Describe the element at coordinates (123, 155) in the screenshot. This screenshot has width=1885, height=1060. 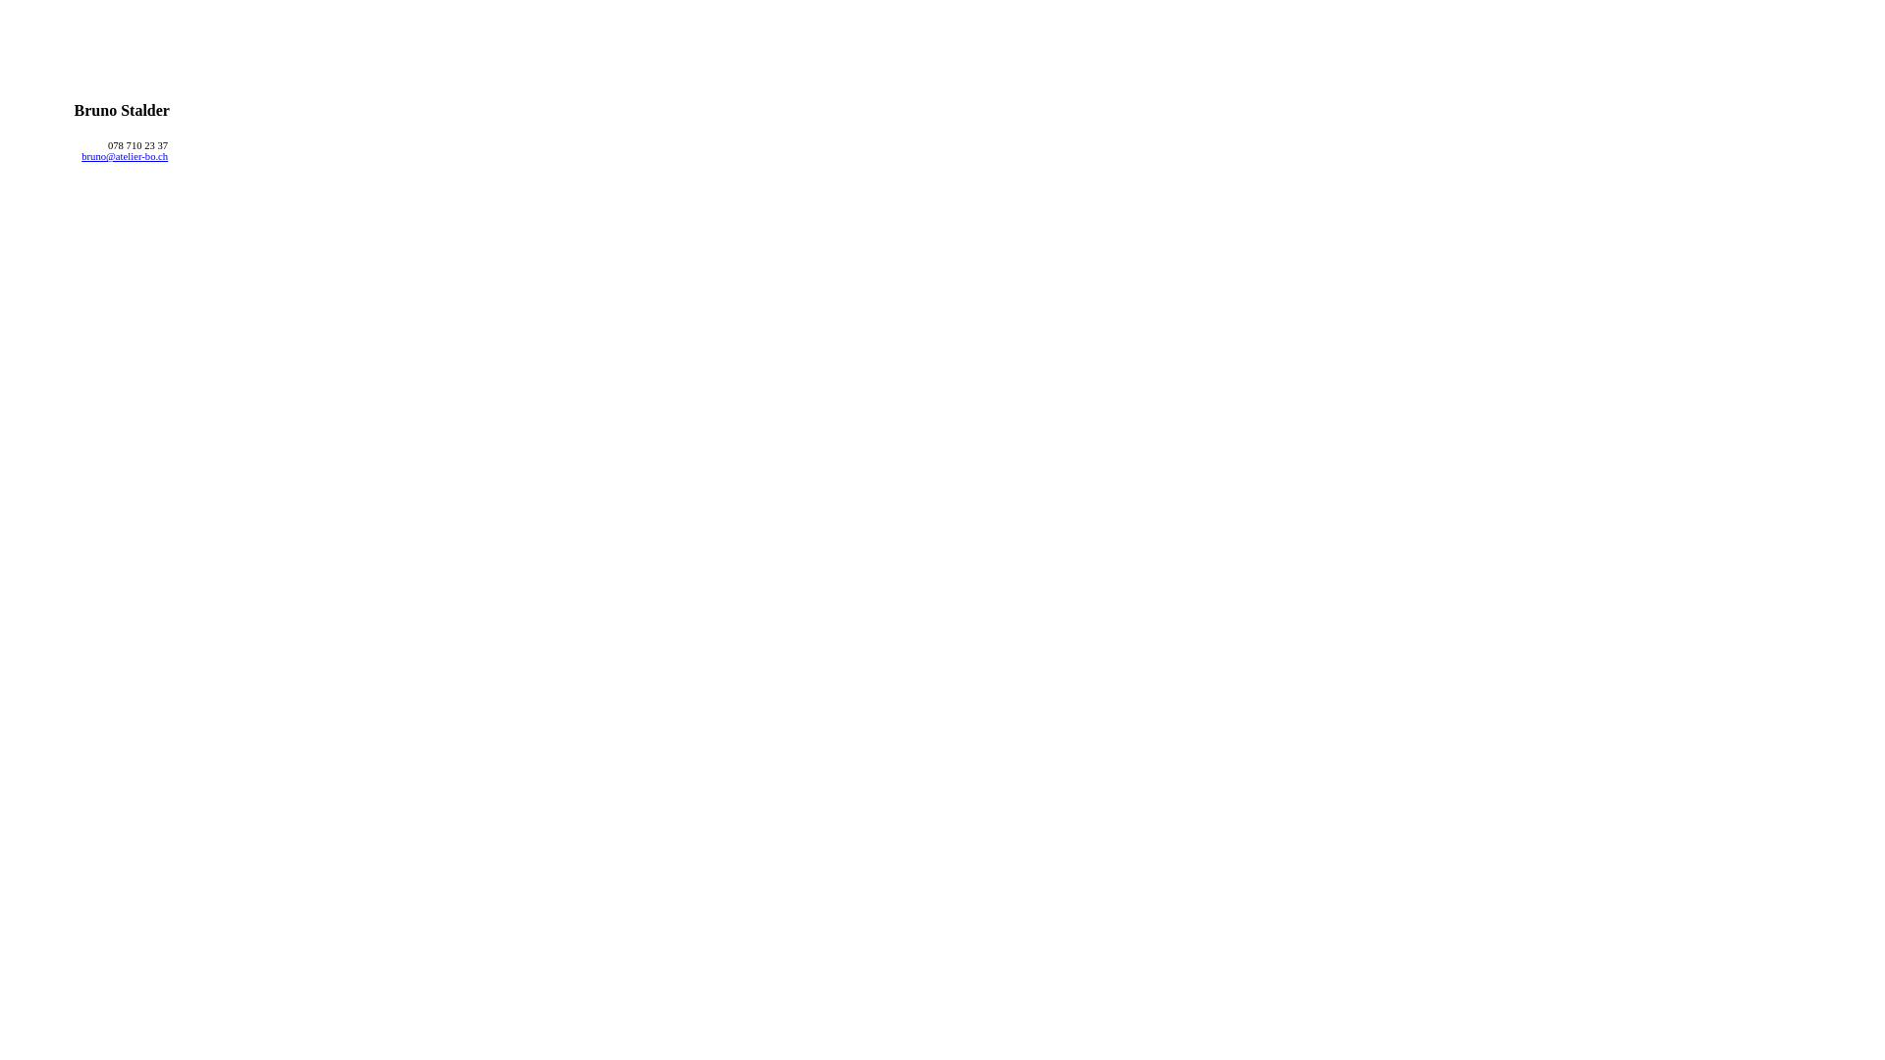
I see `'bruno@atelier-bo.ch'` at that location.